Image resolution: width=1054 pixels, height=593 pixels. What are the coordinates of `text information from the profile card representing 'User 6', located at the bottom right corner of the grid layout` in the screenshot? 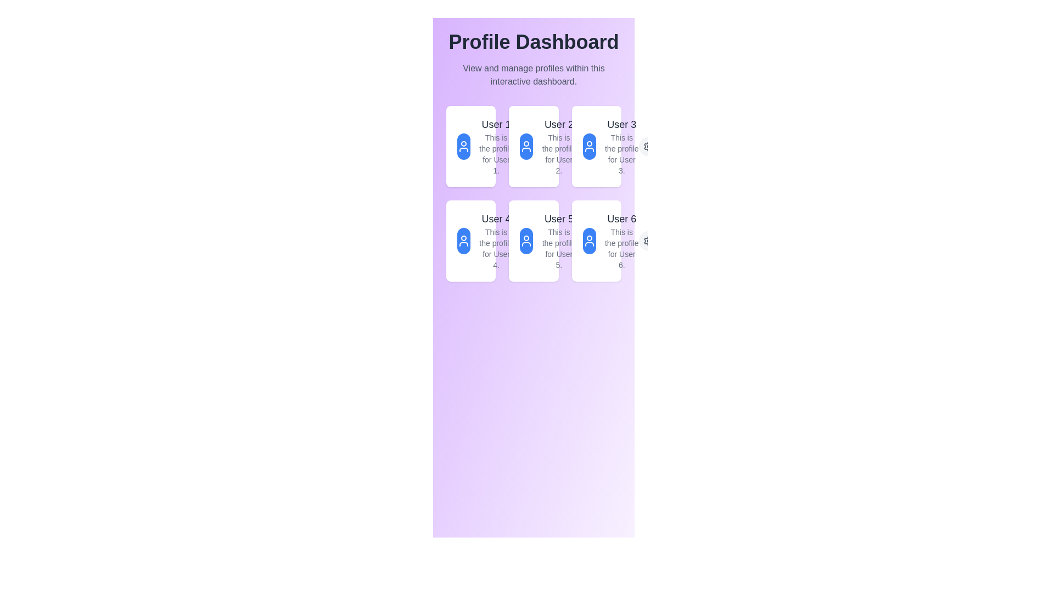 It's located at (610, 240).